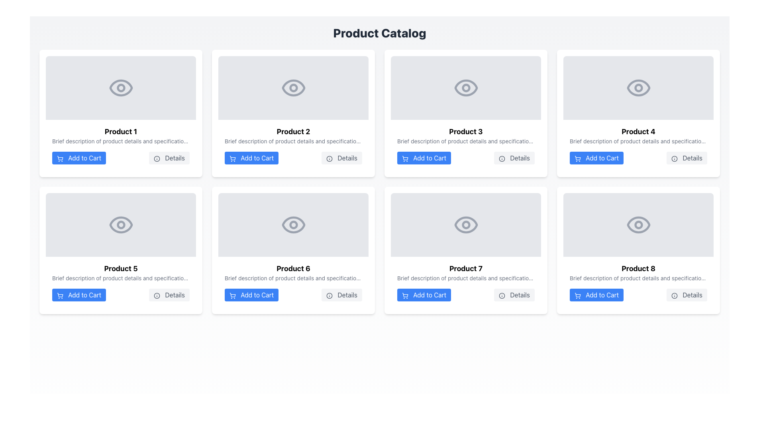 This screenshot has width=765, height=430. Describe the element at coordinates (638, 88) in the screenshot. I see `the outlined eye icon with rounded edges, displayed in gray color, centered within the preview area of the 'Product 4' card` at that location.